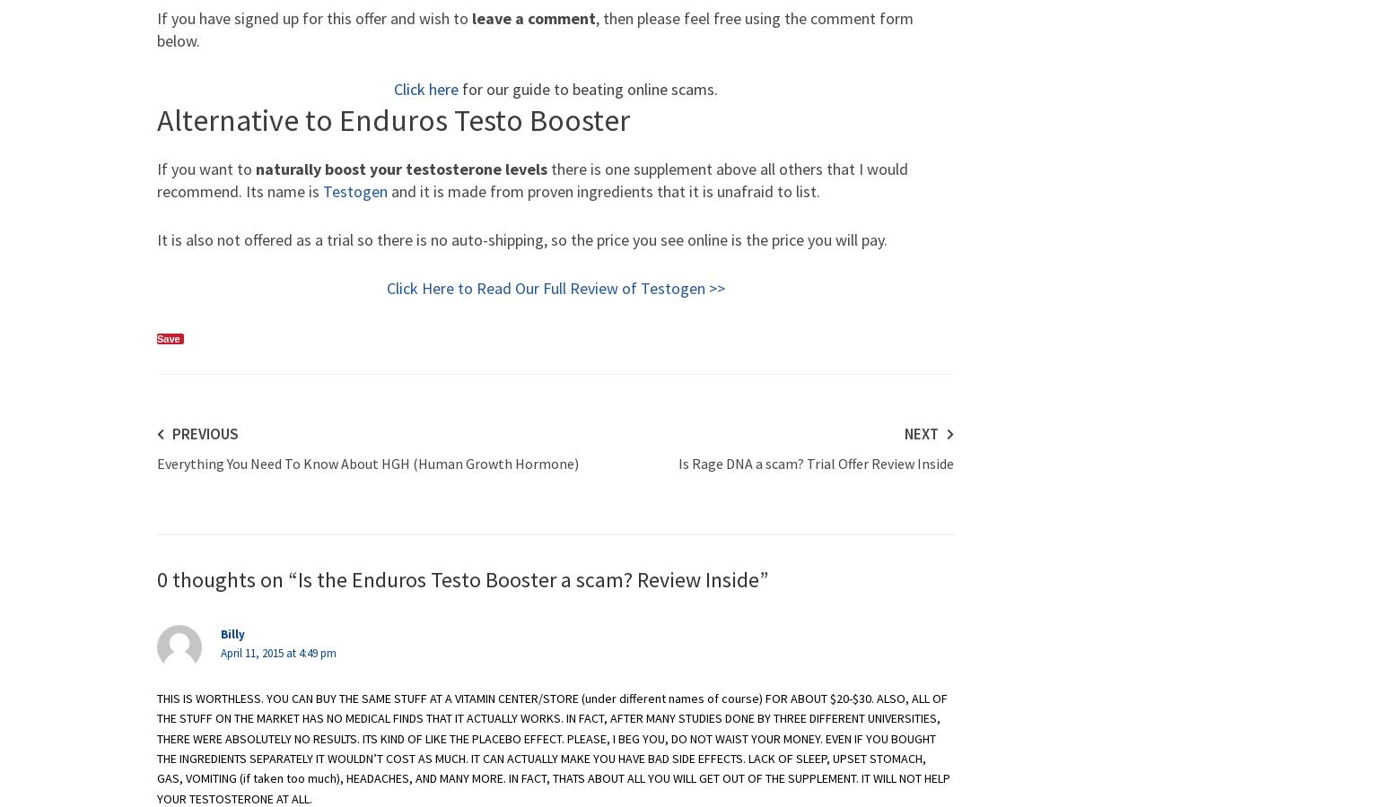 The height and width of the screenshot is (807, 1391). Describe the element at coordinates (535, 29) in the screenshot. I see `', then please feel free using the comment form below.'` at that location.